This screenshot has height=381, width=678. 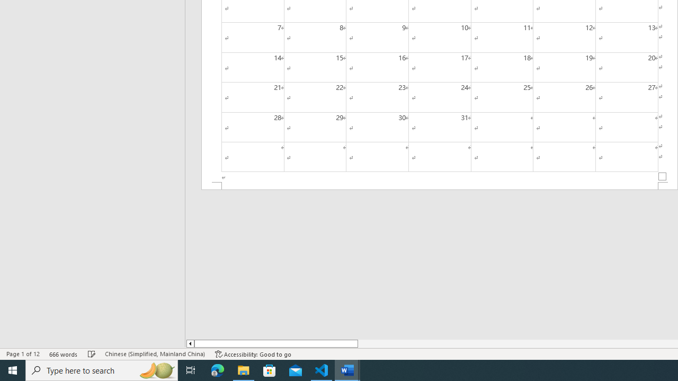 I want to click on 'Spelling and Grammar Check Checking', so click(x=92, y=354).